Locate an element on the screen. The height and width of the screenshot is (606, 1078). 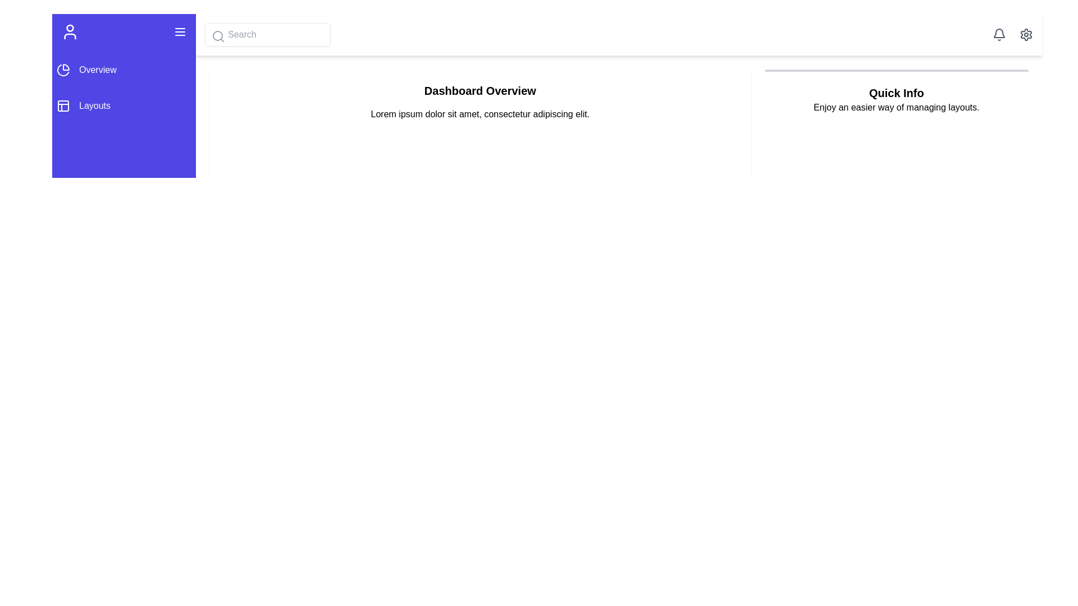
the segmented square icon located in the side navigation bar, positioned above the 'Layouts' text and below the 'Overview' item is located at coordinates (63, 106).